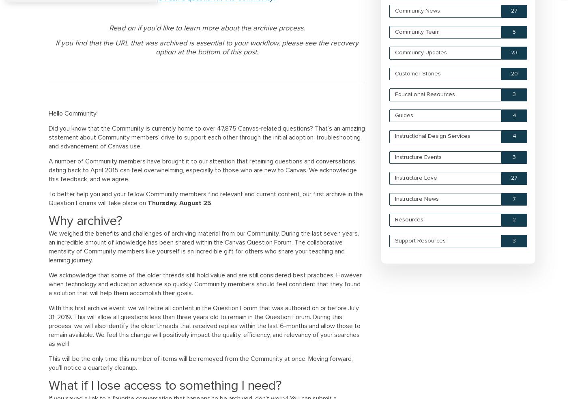 This screenshot has width=584, height=399. What do you see at coordinates (417, 10) in the screenshot?
I see `'Community News'` at bounding box center [417, 10].